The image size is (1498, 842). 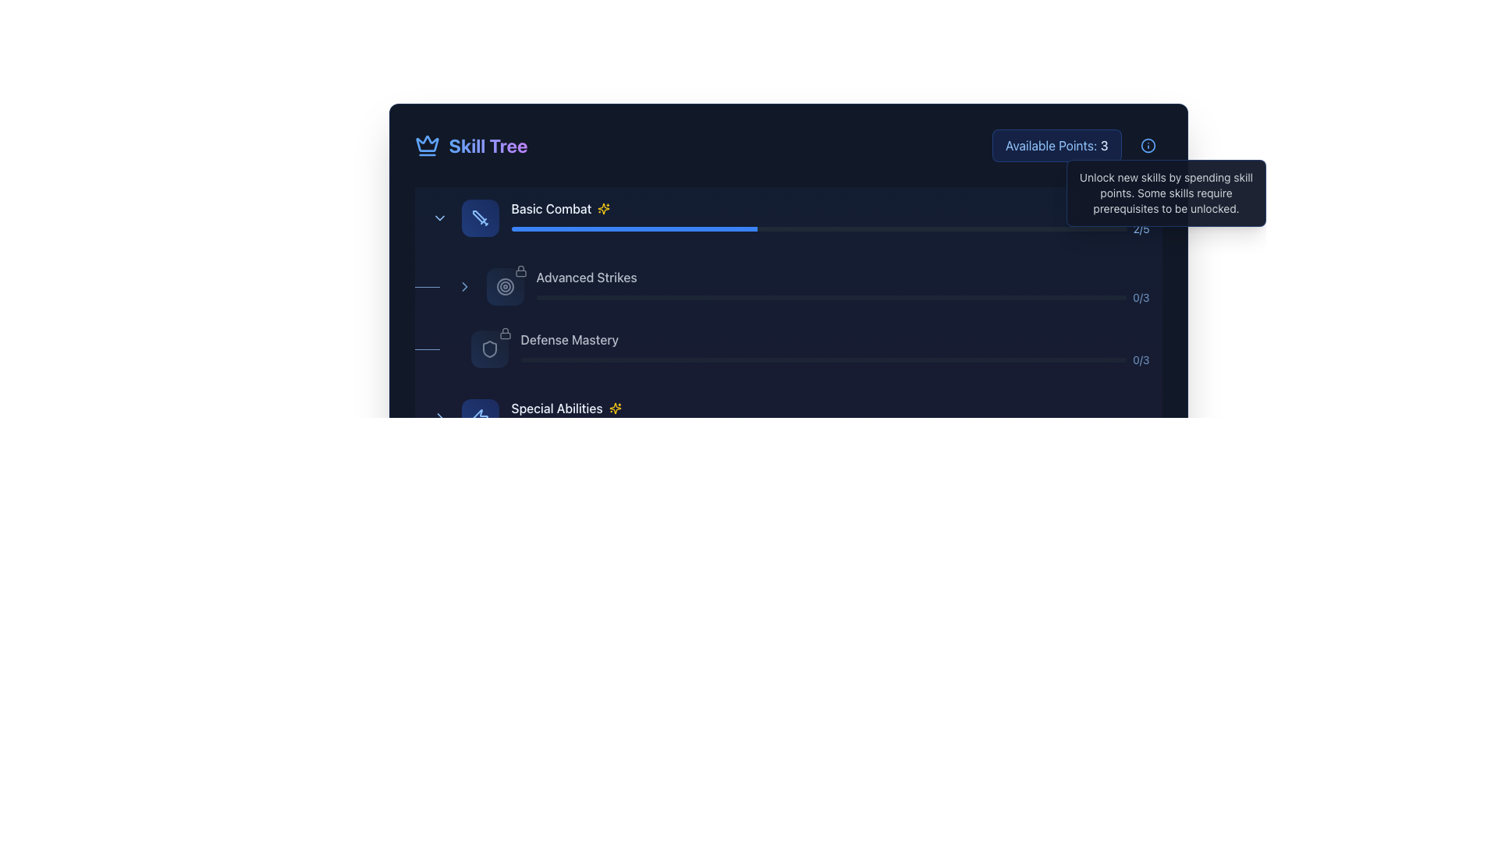 I want to click on the information icon located to the right of the 'Available Points: 3' button in the top-right corner of the panel, so click(x=1148, y=145).